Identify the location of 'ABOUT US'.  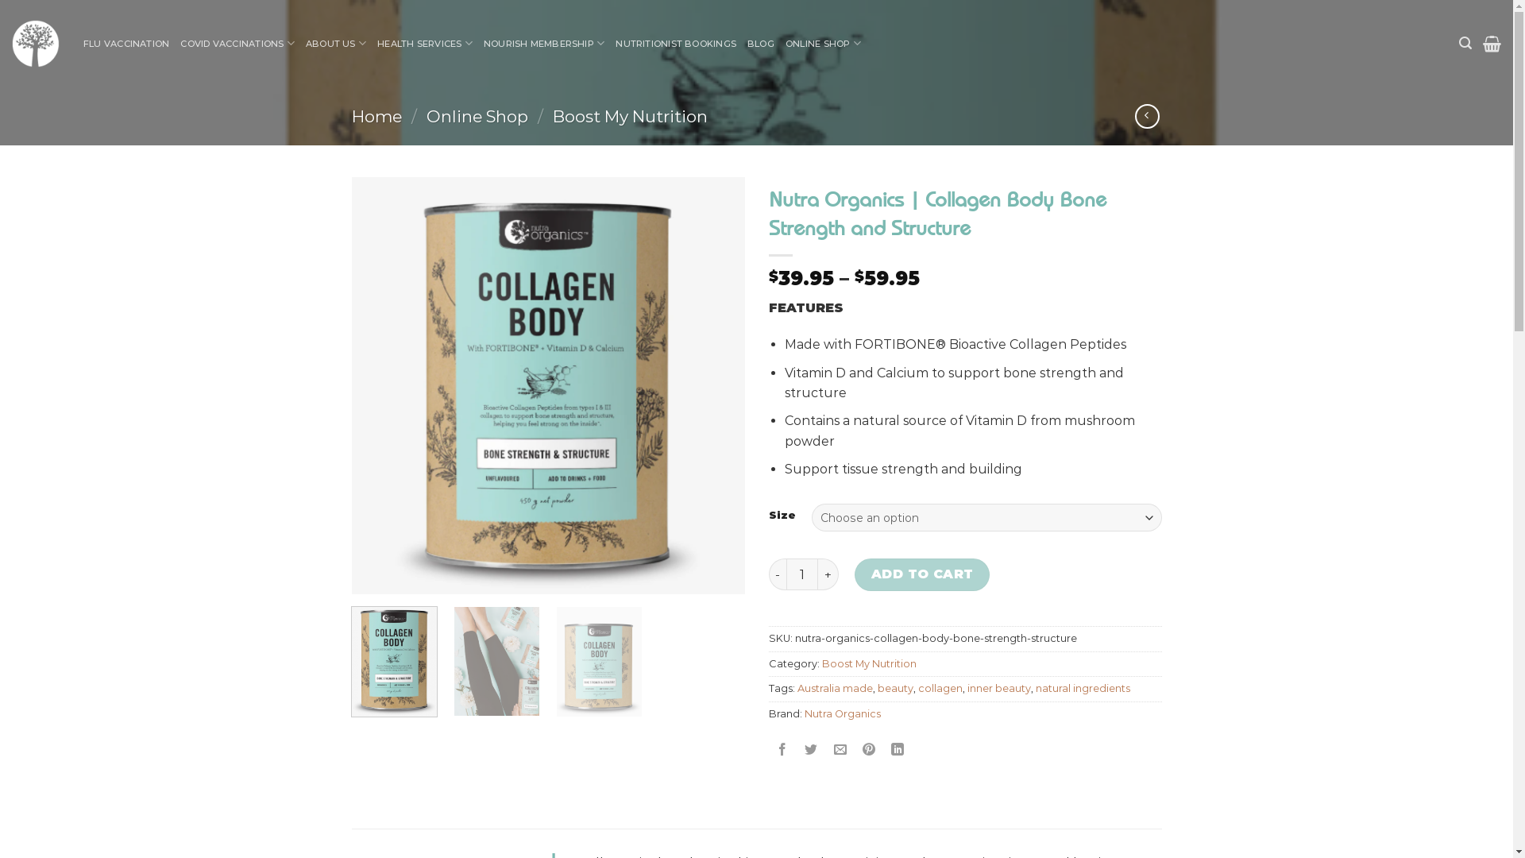
(334, 42).